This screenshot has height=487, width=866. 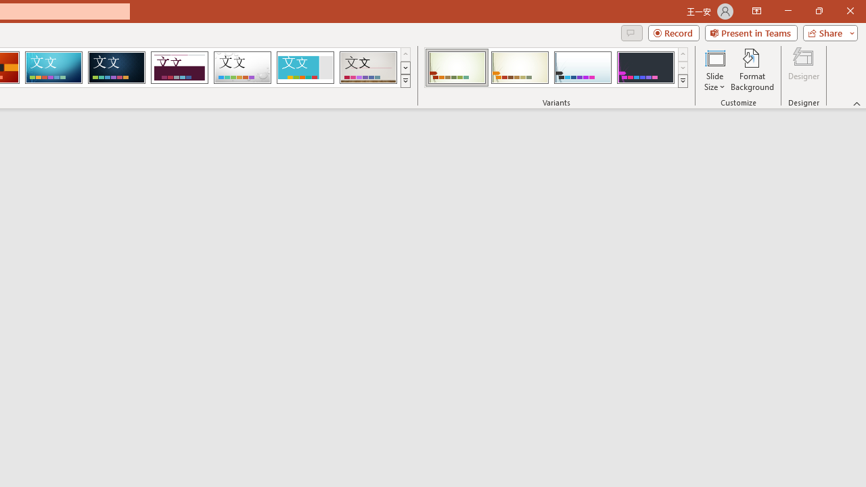 I want to click on 'Wisp Variant 2', so click(x=519, y=68).